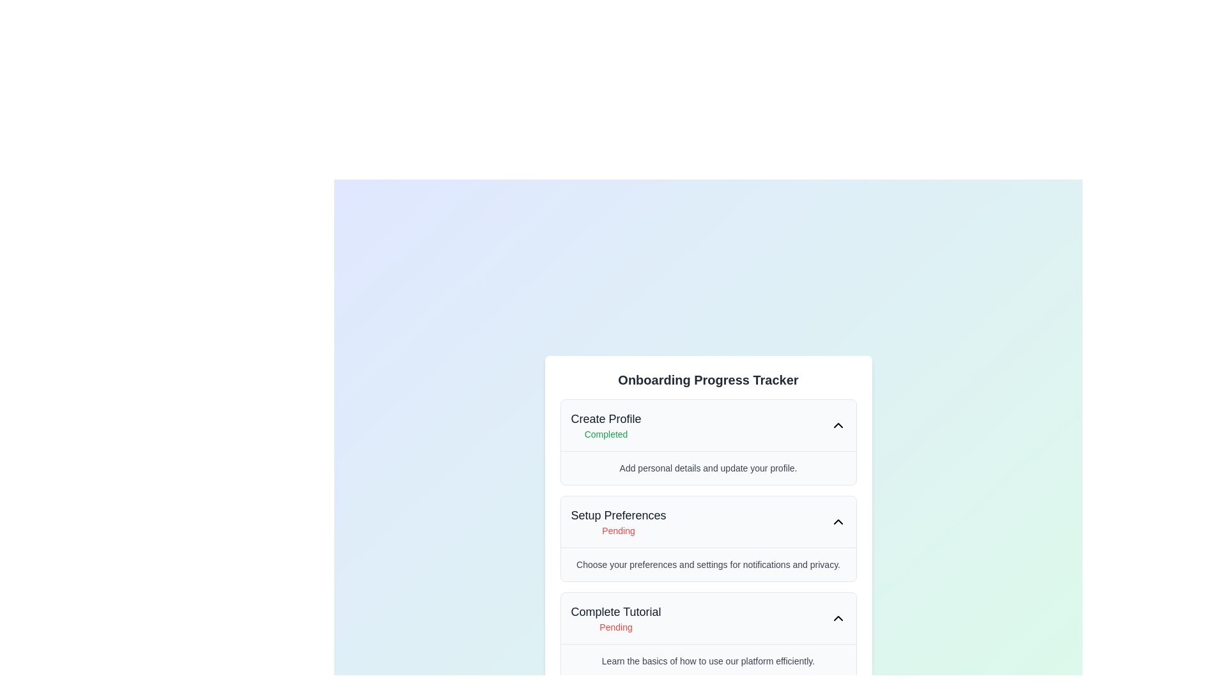  I want to click on the 'Setup Preferences' collapsible section header, which features a bold title and a red 'Pending' text, so click(707, 522).